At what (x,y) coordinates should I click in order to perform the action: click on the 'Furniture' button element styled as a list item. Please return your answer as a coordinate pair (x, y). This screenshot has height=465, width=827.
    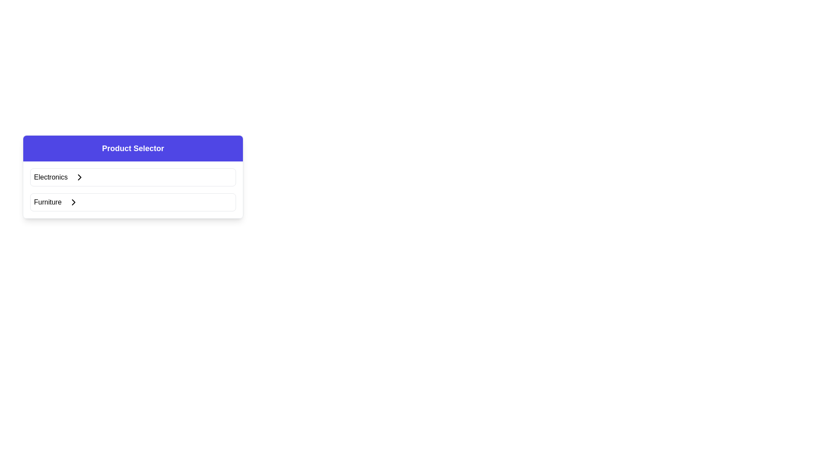
    Looking at the image, I should click on (132, 202).